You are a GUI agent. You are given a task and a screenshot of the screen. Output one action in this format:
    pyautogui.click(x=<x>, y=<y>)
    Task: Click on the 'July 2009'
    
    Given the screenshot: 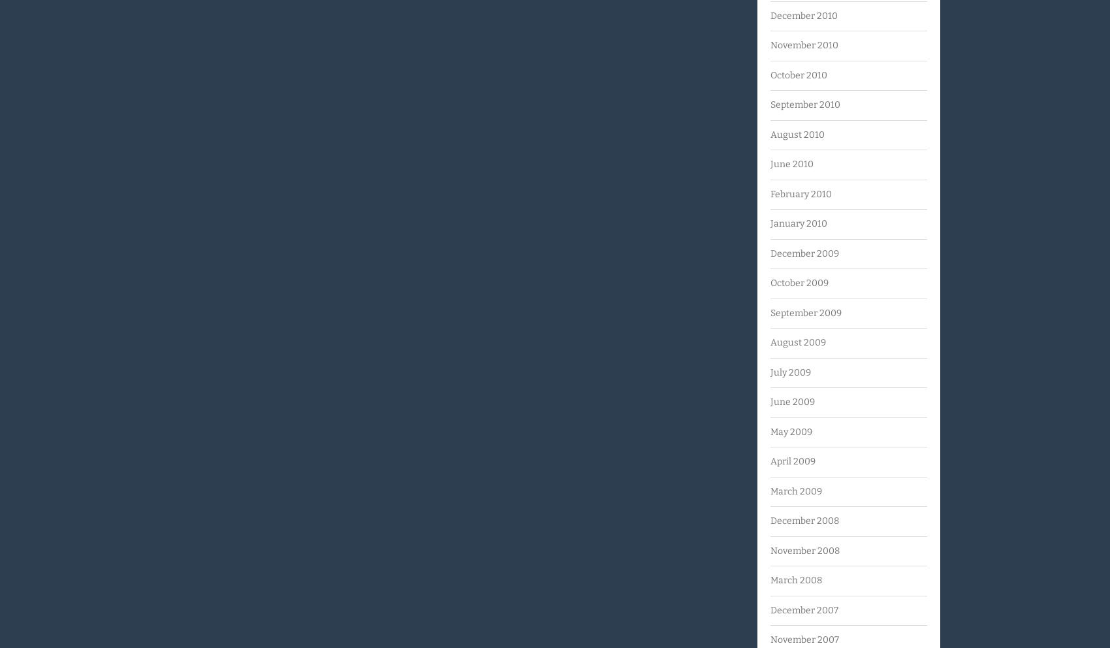 What is the action you would take?
    pyautogui.click(x=790, y=372)
    